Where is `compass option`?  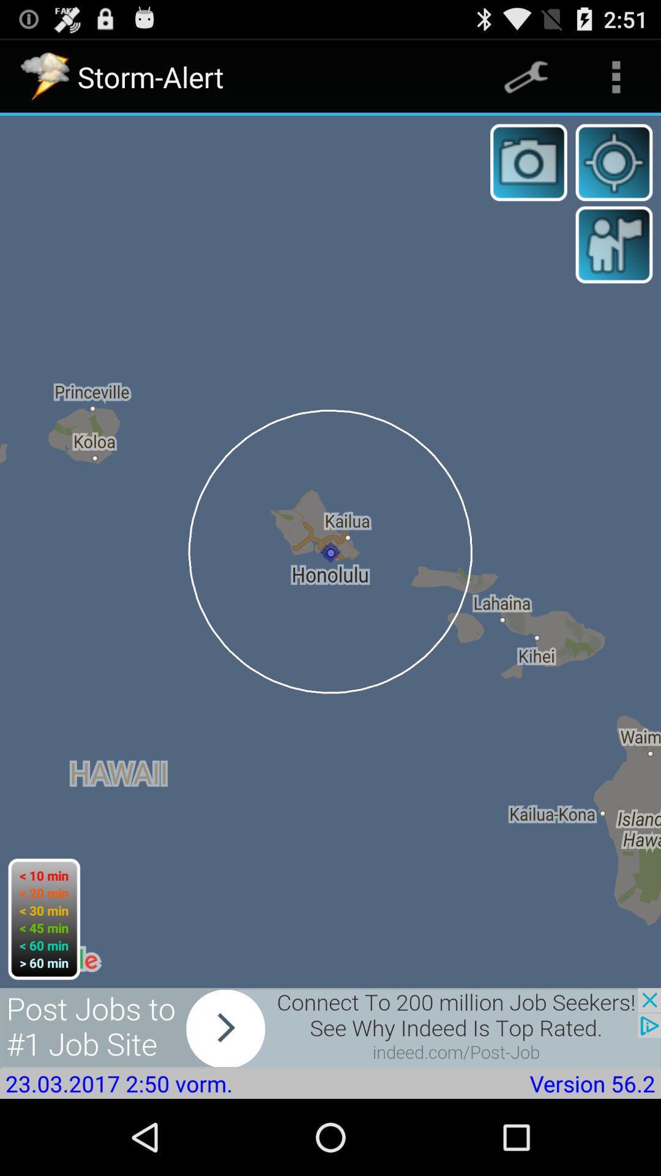 compass option is located at coordinates (614, 162).